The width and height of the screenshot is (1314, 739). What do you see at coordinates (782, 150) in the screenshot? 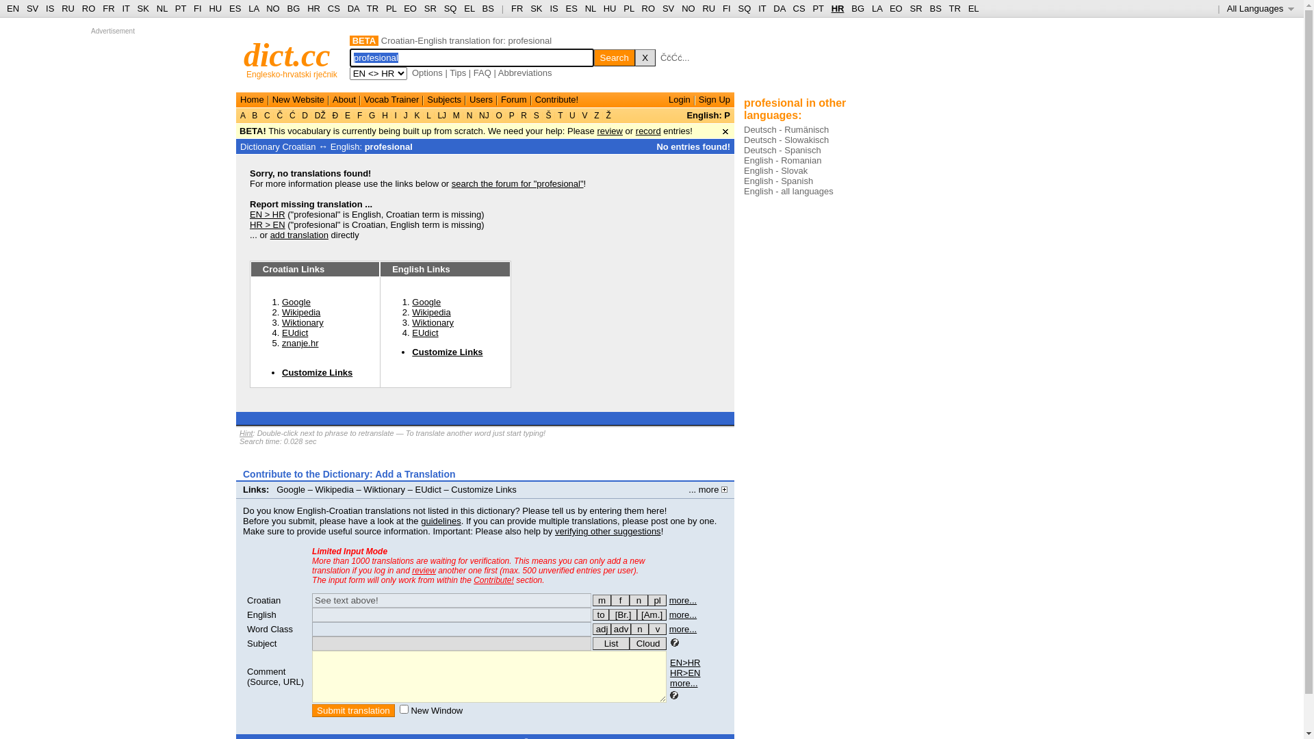
I see `'Deutsch - Spanisch'` at bounding box center [782, 150].